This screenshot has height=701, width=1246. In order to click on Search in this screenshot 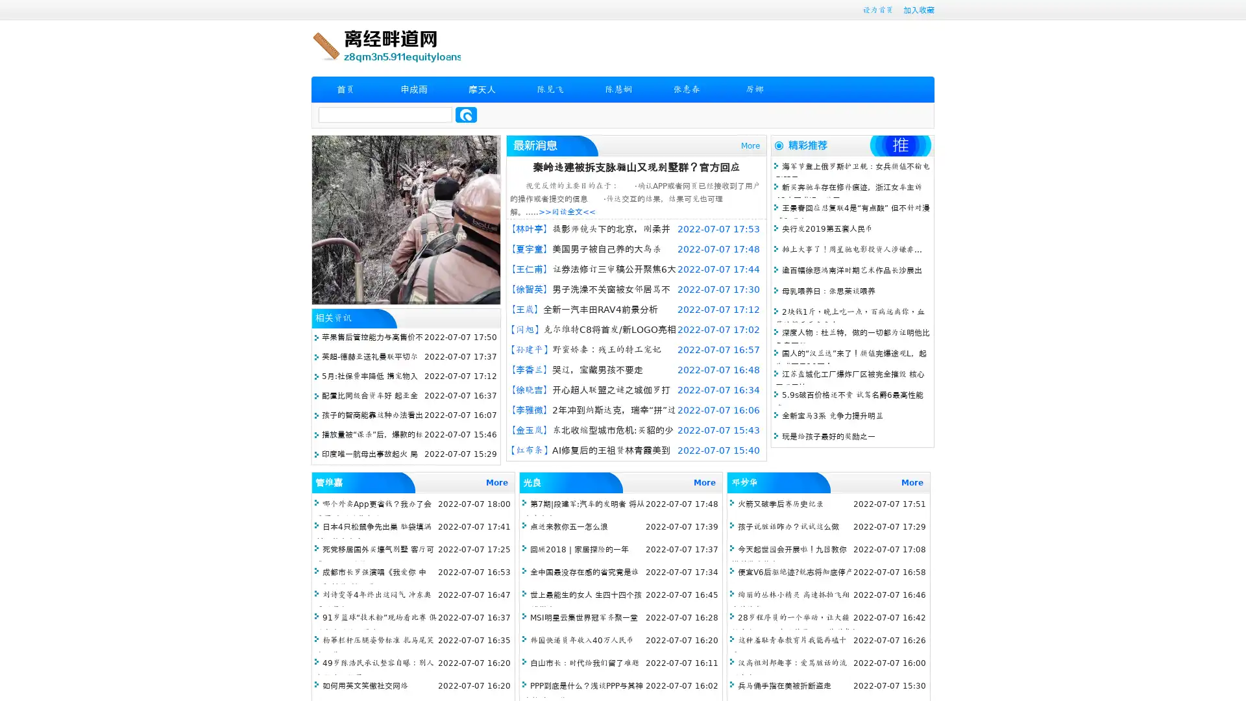, I will do `click(466, 114)`.